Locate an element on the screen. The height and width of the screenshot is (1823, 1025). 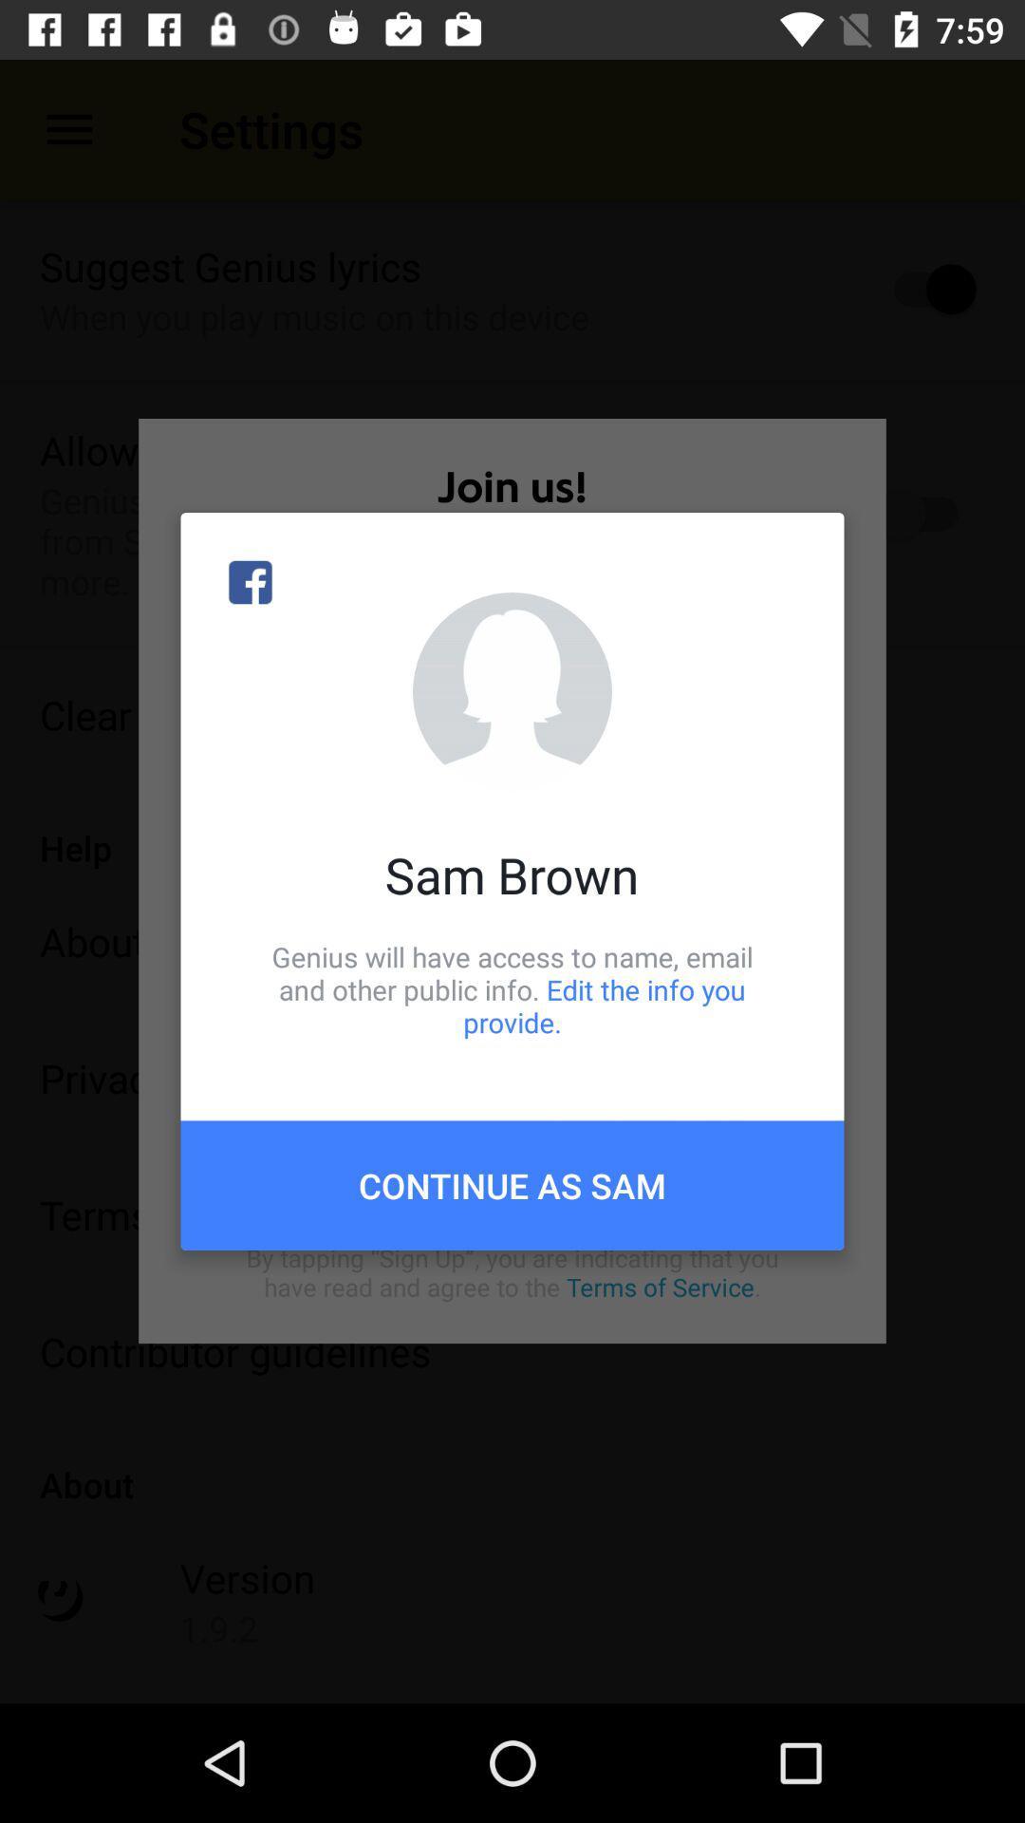
icon below sam brown icon is located at coordinates (512, 988).